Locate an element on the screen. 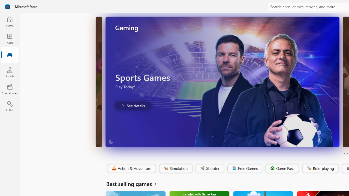 This screenshot has height=196, width=349. 'Gaming' is located at coordinates (10, 55).